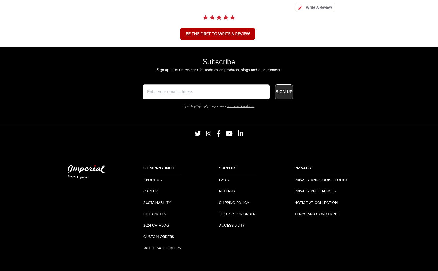 The width and height of the screenshot is (438, 271). Describe the element at coordinates (217, 33) in the screenshot. I see `'be the first to write a review'` at that location.